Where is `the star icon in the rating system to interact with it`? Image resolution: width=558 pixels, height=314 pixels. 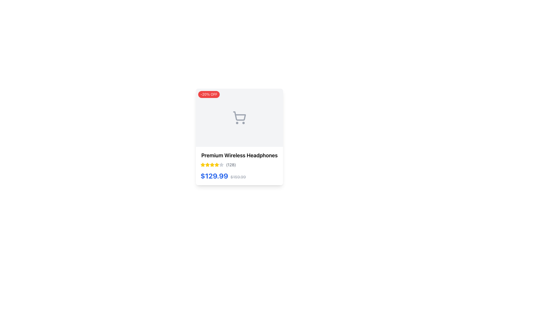
the star icon in the rating system to interact with it is located at coordinates (203, 165).